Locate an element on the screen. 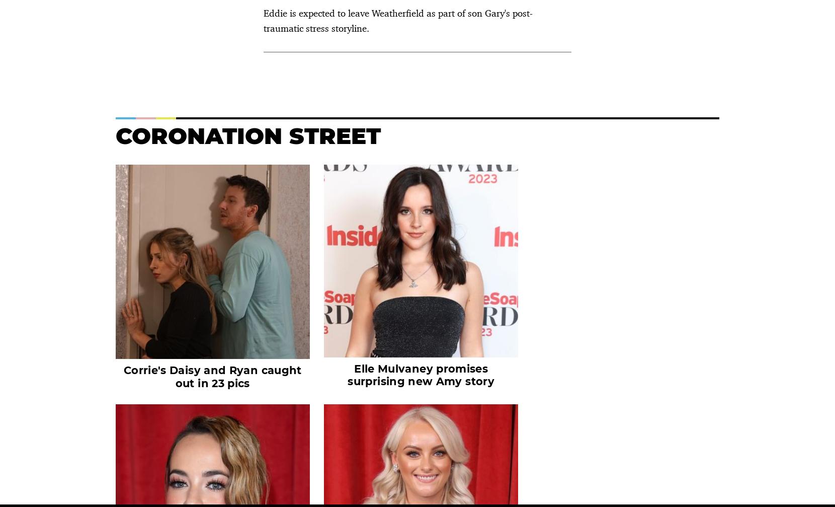  'Casualty' is located at coordinates (418, 213).